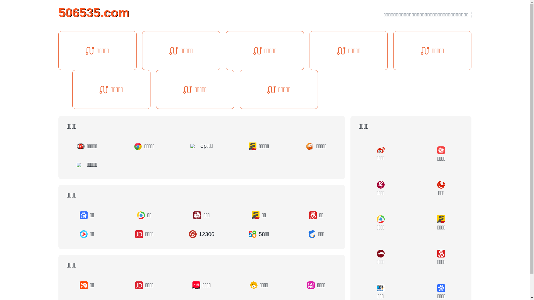 Image resolution: width=534 pixels, height=300 pixels. What do you see at coordinates (201, 234) in the screenshot?
I see `'12306'` at bounding box center [201, 234].